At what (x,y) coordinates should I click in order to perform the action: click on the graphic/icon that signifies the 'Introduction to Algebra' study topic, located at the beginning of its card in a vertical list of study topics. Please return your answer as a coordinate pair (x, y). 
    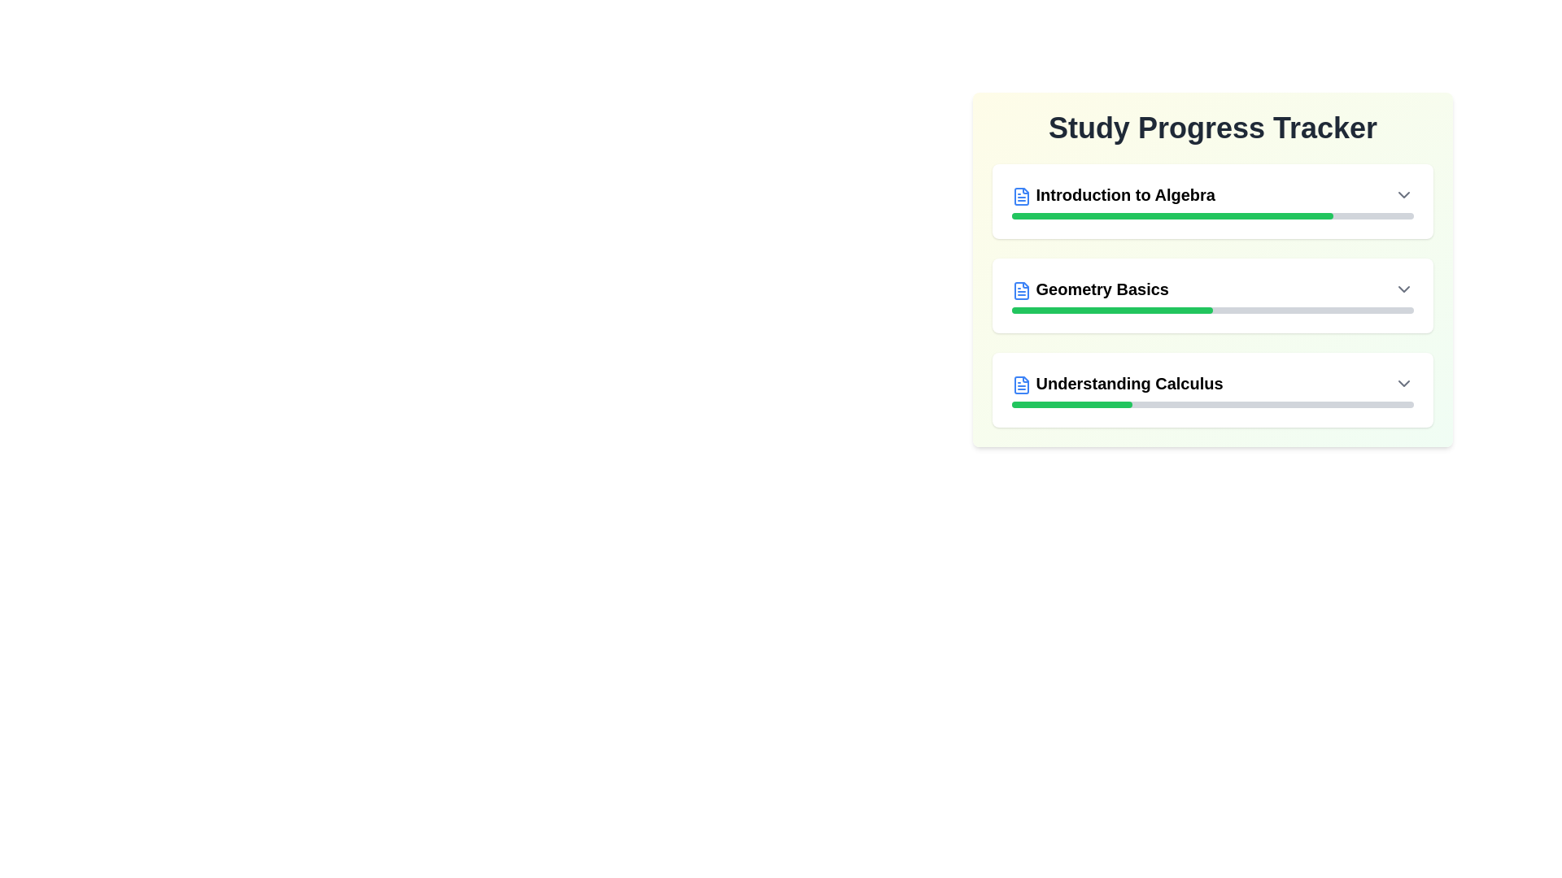
    Looking at the image, I should click on (1021, 194).